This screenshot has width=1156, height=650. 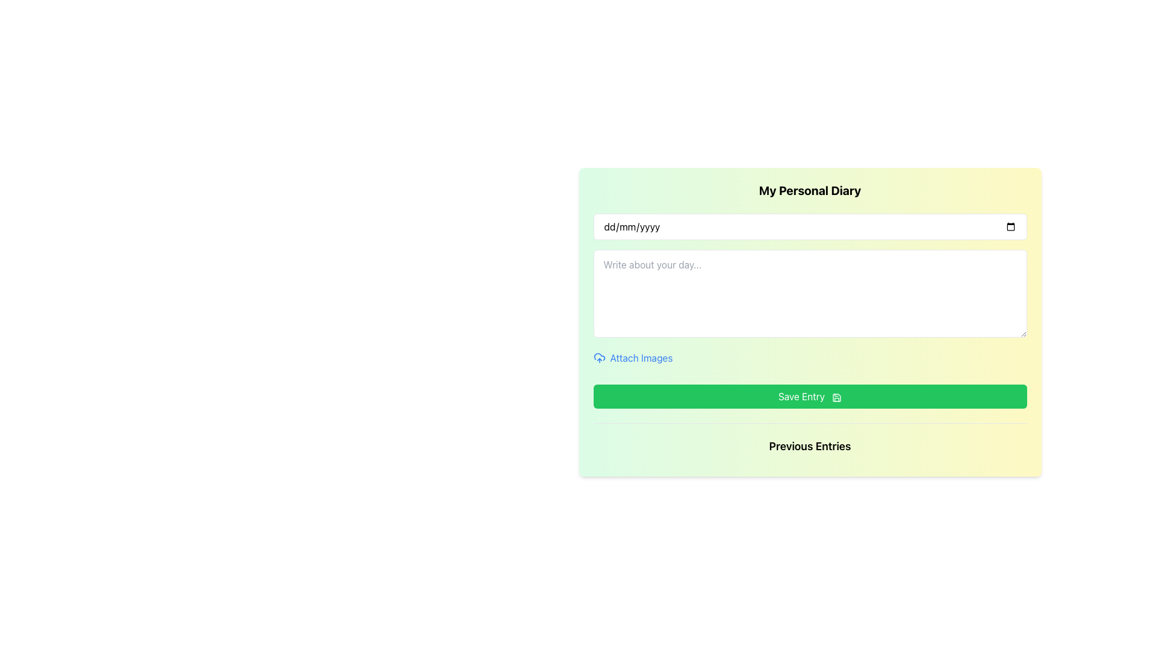 What do you see at coordinates (810, 227) in the screenshot?
I see `a date from the calendar popup by clicking on the date input field that displays the placeholder 'dd/mm/yyyy'` at bounding box center [810, 227].